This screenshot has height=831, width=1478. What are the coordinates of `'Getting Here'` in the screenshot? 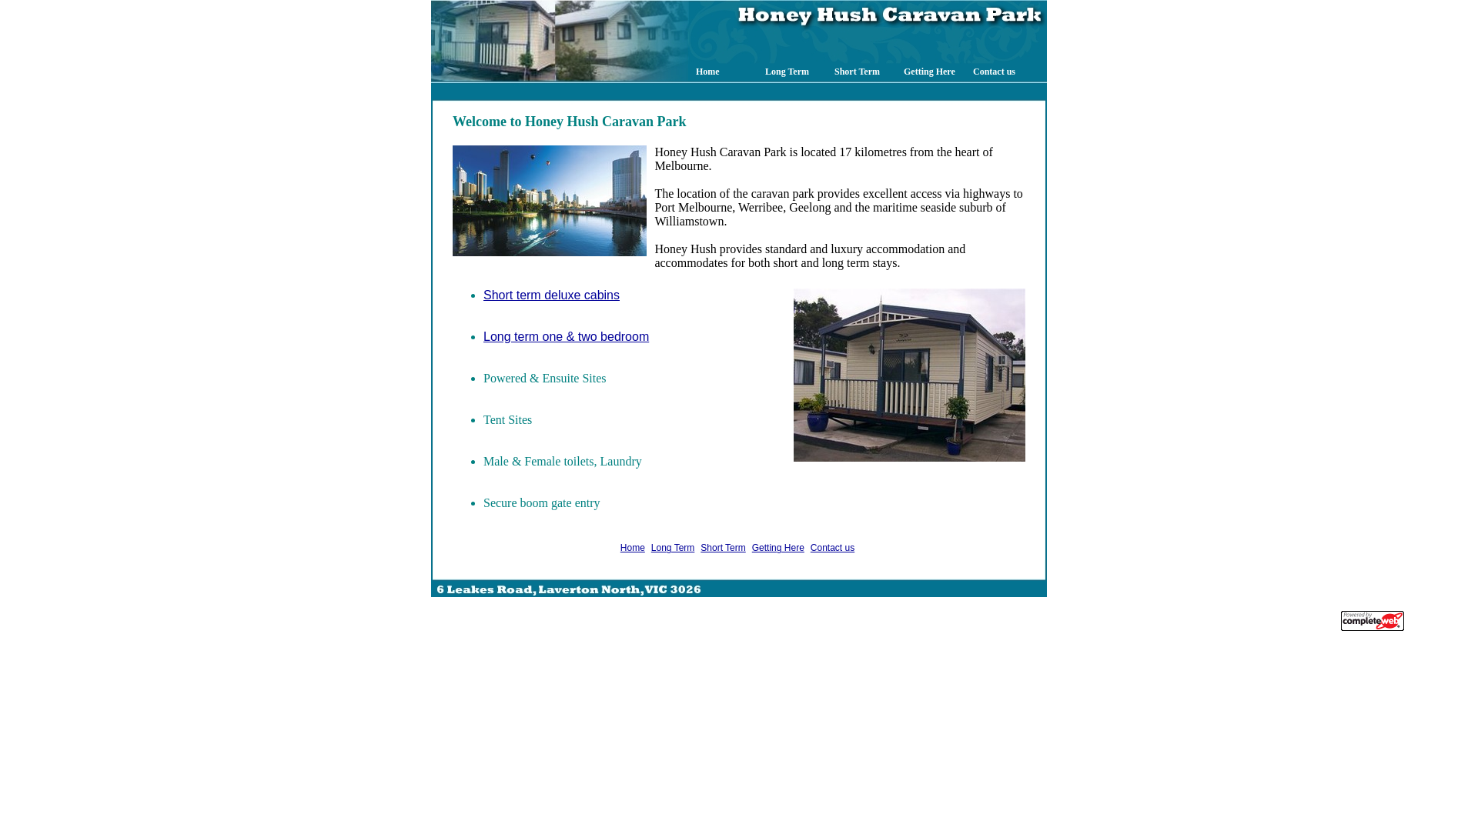 It's located at (752, 547).